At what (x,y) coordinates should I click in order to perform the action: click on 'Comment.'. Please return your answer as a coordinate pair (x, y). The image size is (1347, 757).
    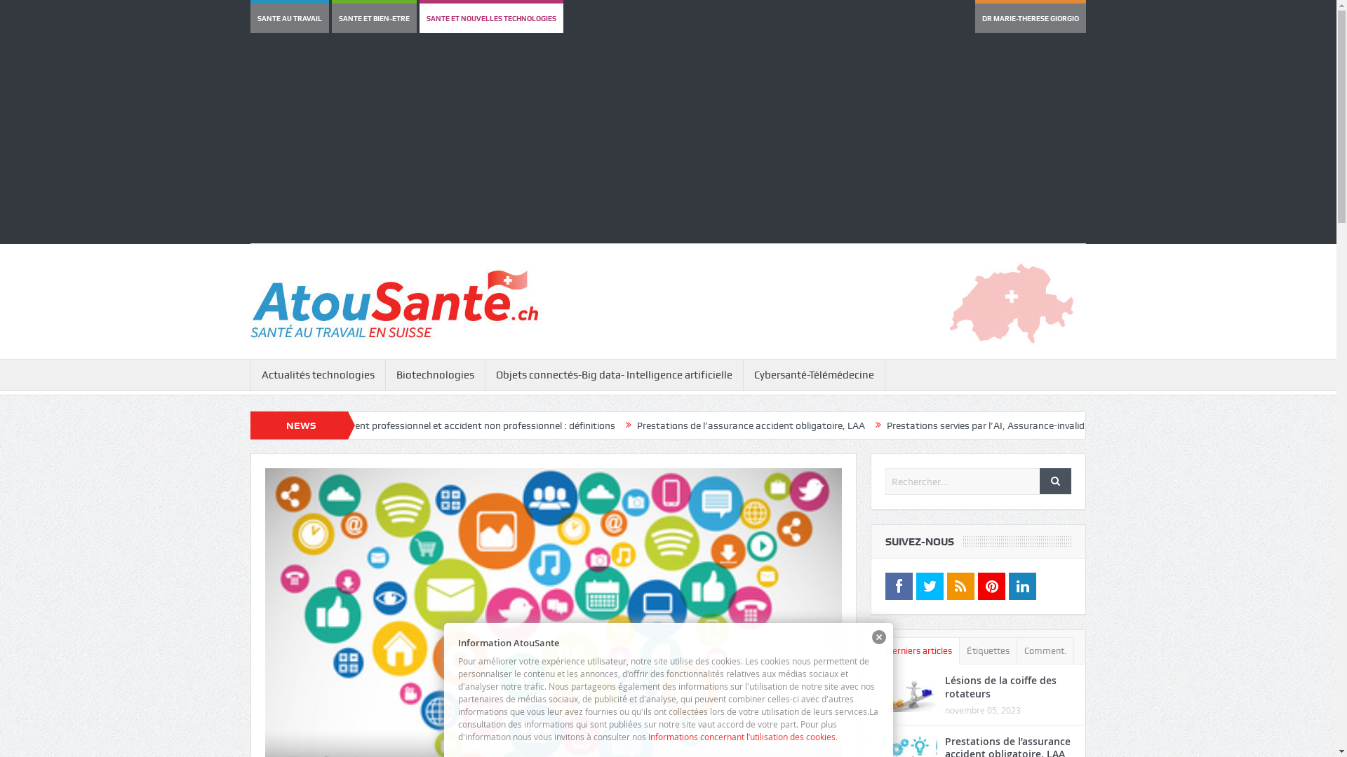
    Looking at the image, I should click on (1045, 650).